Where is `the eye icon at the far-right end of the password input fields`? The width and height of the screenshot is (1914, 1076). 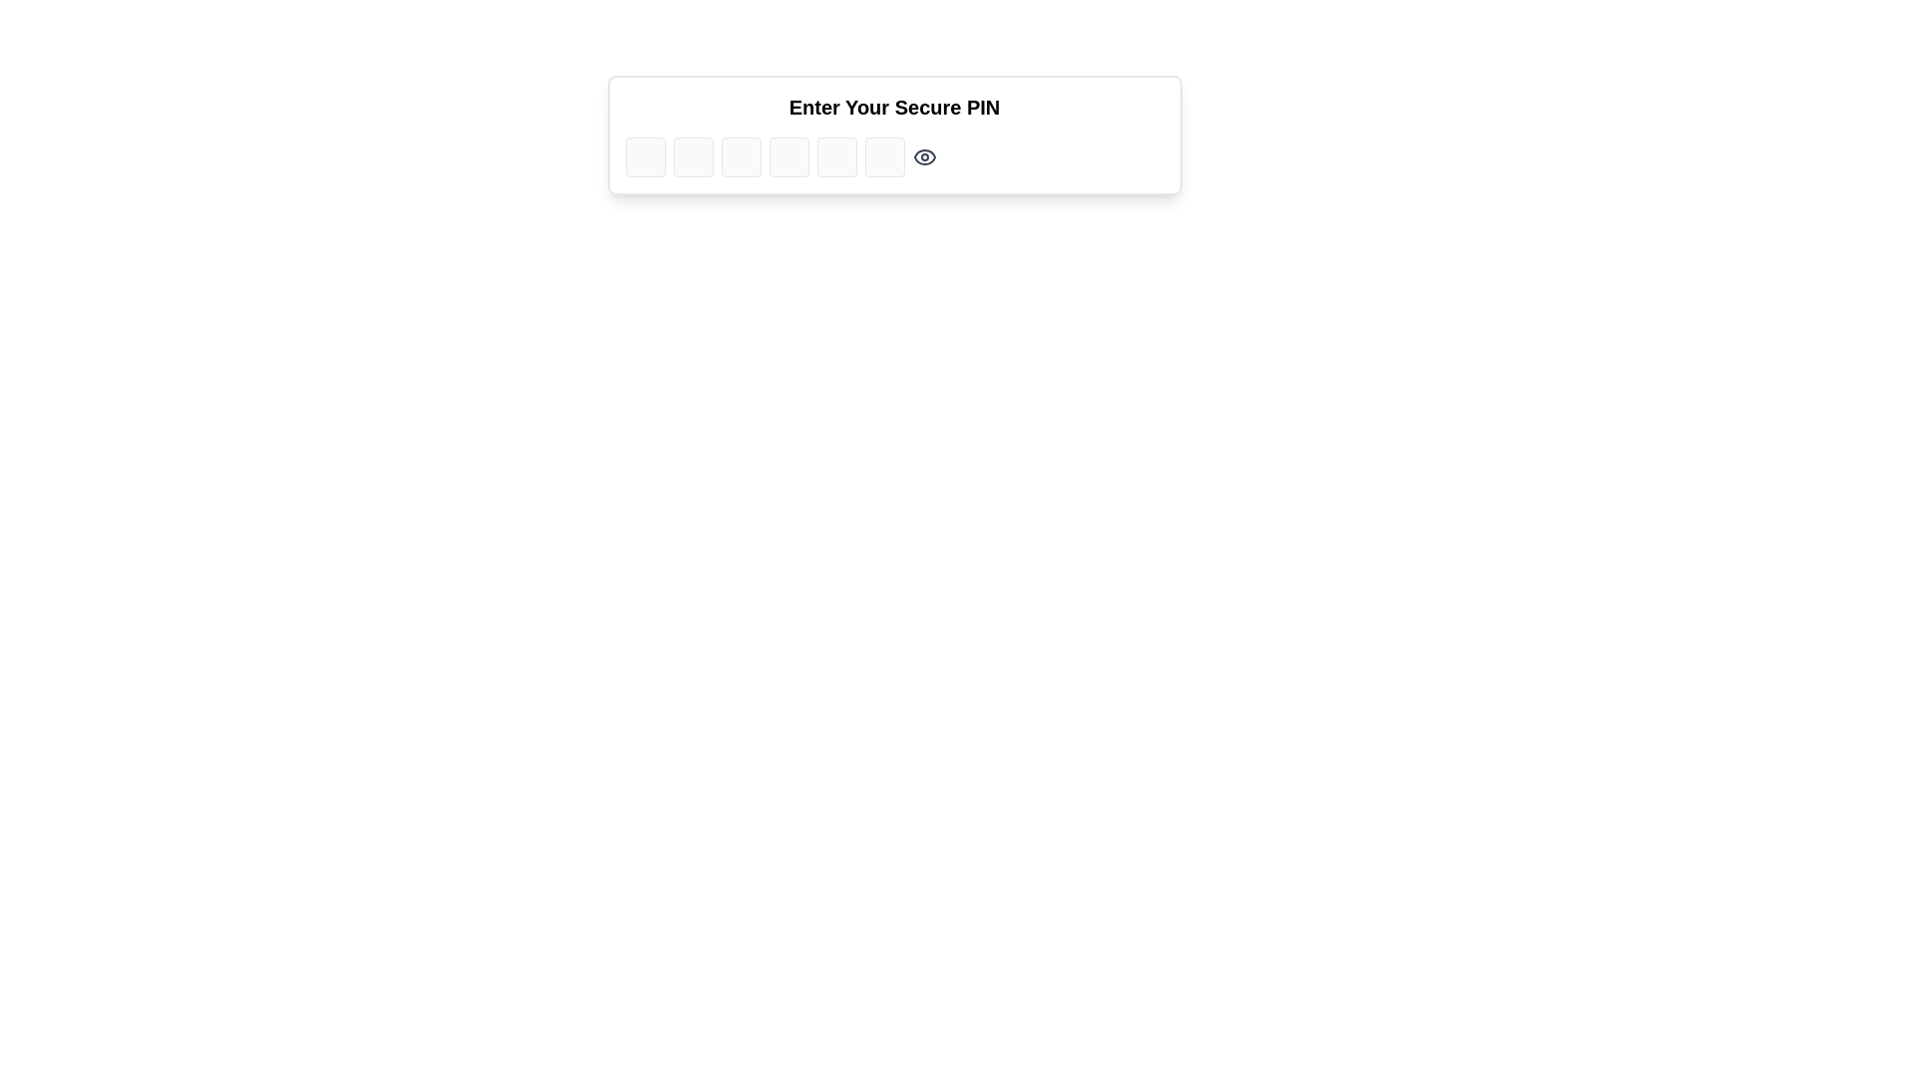
the eye icon at the far-right end of the password input fields is located at coordinates (923, 156).